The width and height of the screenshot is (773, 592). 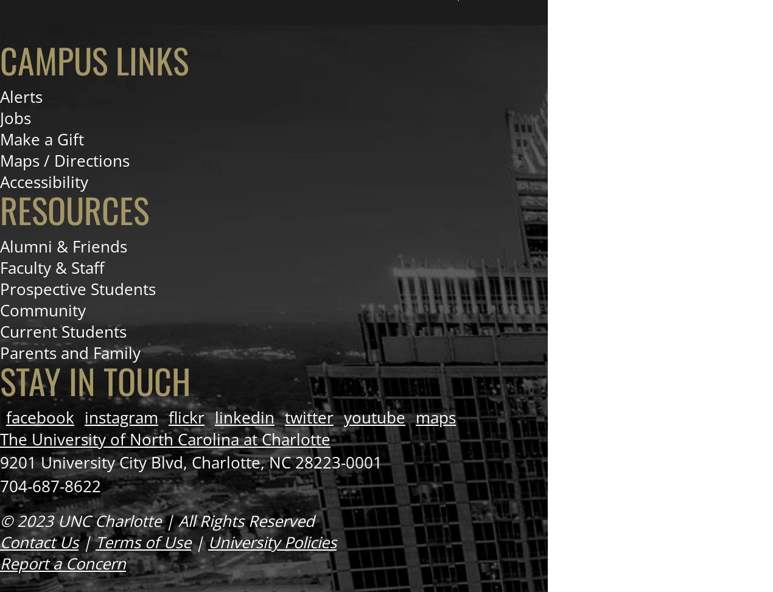 I want to click on 'Faculty & Staff', so click(x=52, y=268).